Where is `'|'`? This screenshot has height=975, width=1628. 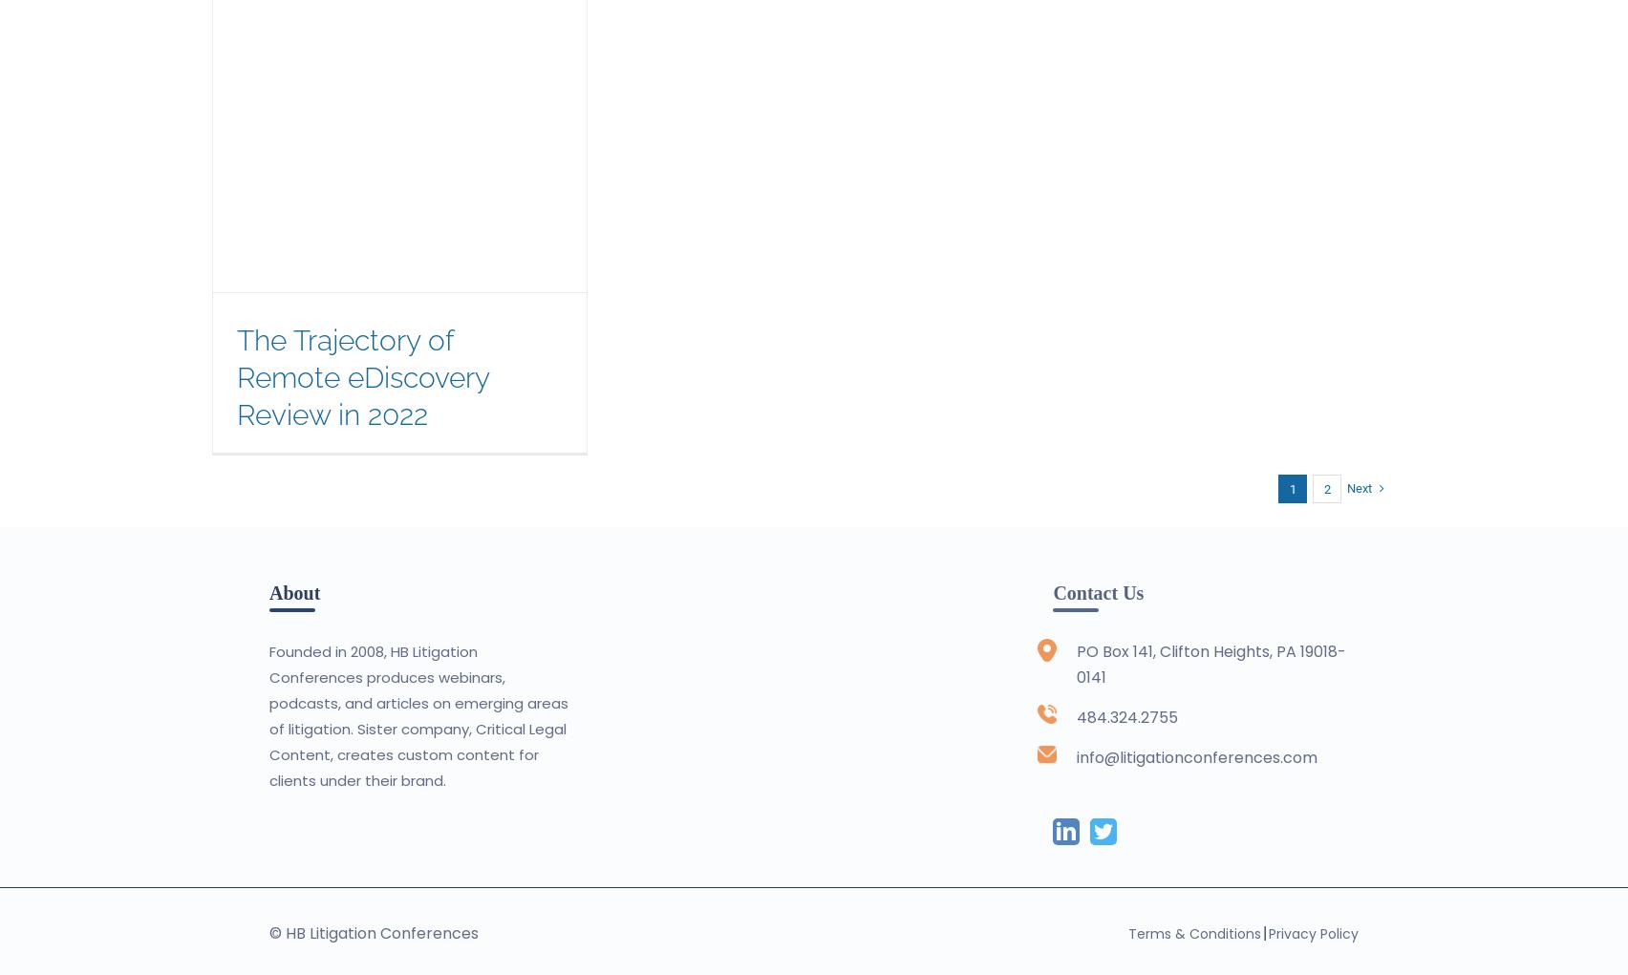
'|' is located at coordinates (1262, 930).